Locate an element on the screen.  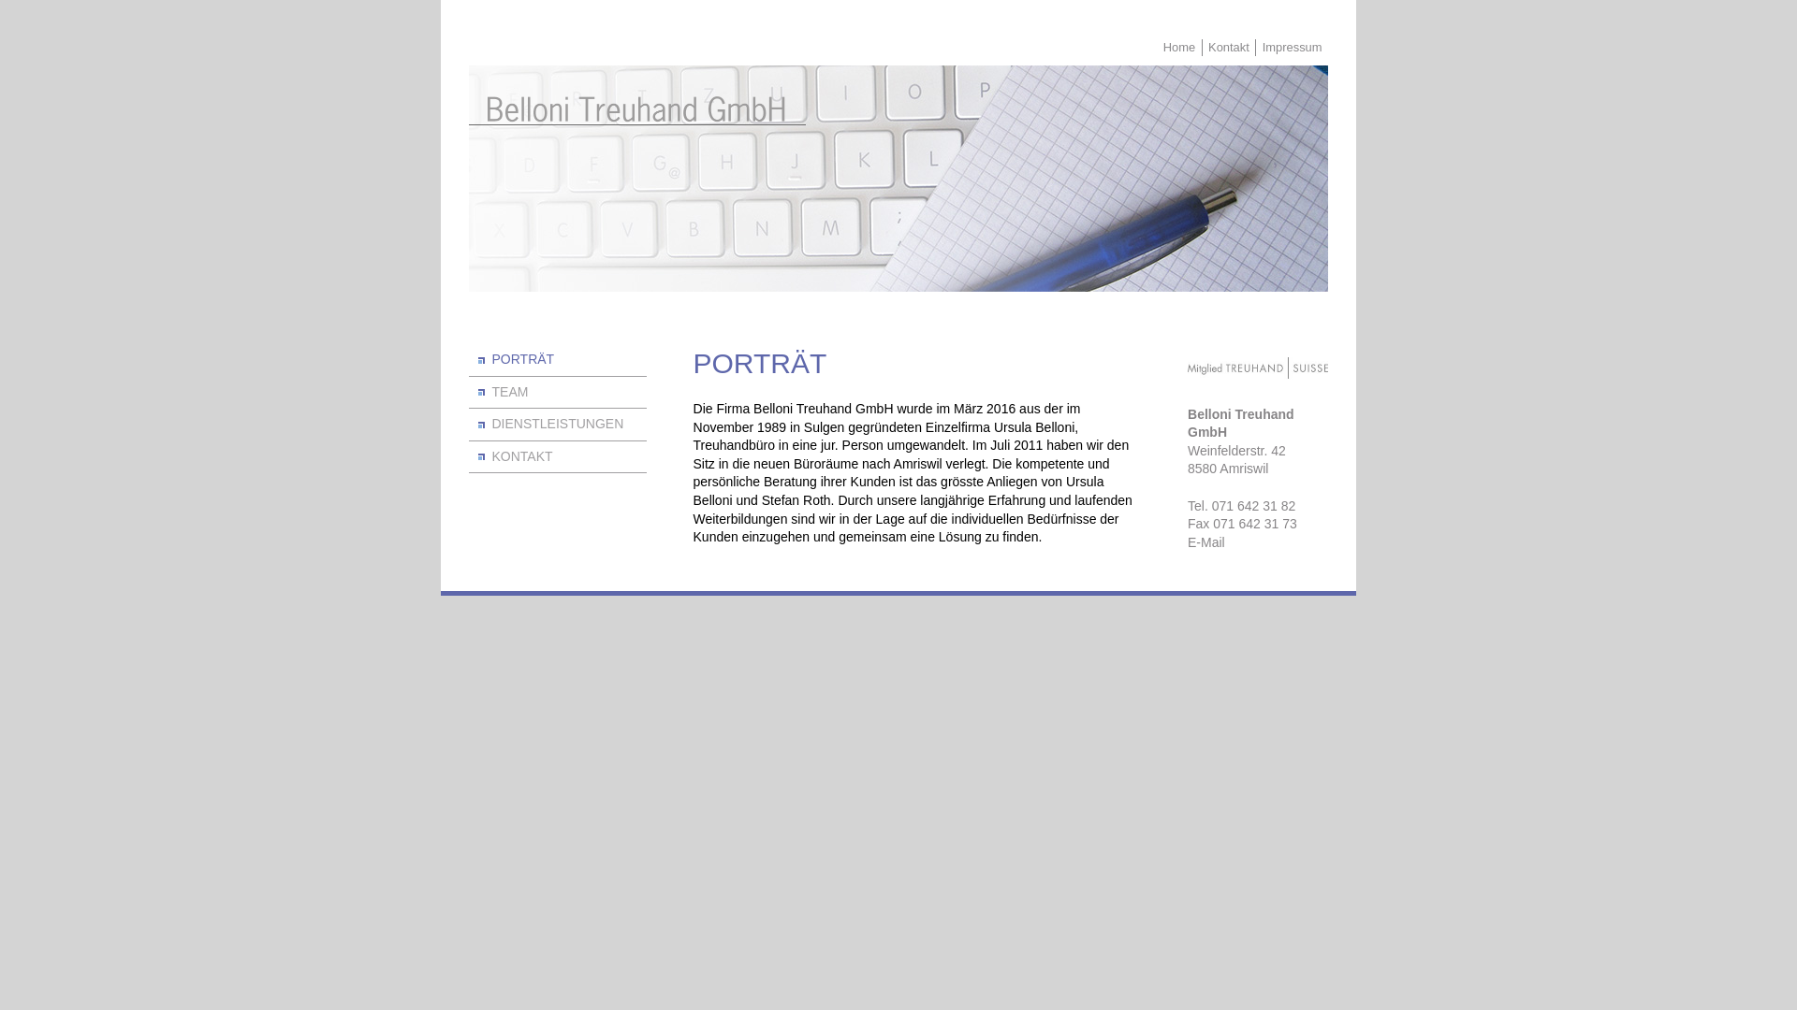
'KONTAKT' is located at coordinates (468, 457).